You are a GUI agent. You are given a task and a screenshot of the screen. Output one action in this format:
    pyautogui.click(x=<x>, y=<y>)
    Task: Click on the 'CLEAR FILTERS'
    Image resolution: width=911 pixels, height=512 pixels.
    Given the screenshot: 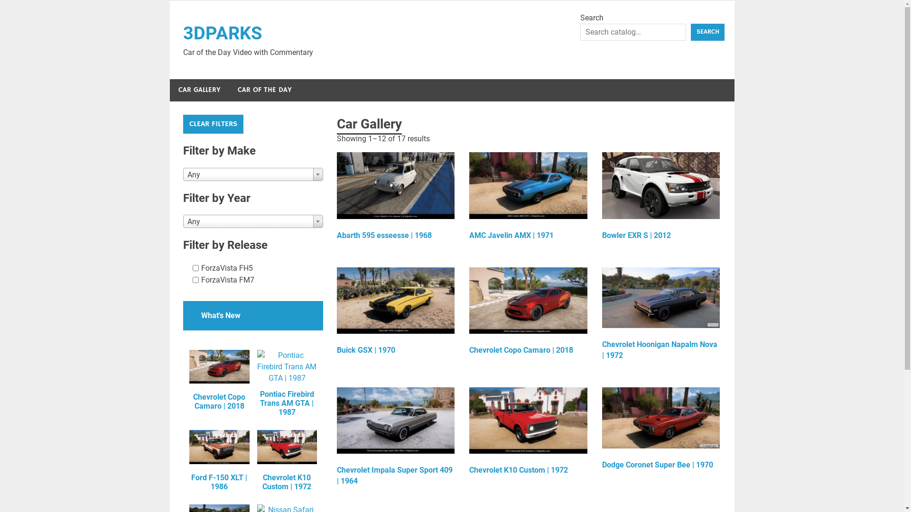 What is the action you would take?
    pyautogui.click(x=213, y=124)
    